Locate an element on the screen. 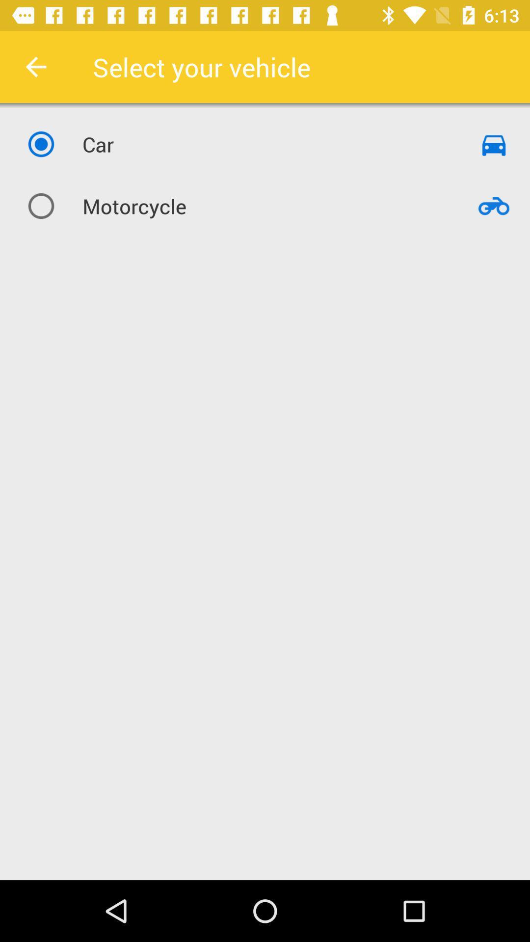 The image size is (530, 942). go back is located at coordinates (35, 66).